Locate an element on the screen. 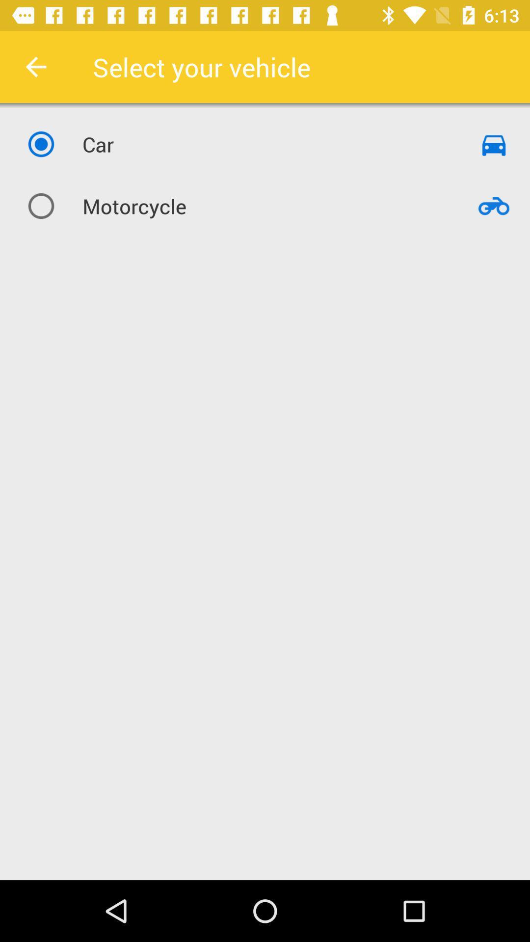 The image size is (530, 942). go back is located at coordinates (35, 66).